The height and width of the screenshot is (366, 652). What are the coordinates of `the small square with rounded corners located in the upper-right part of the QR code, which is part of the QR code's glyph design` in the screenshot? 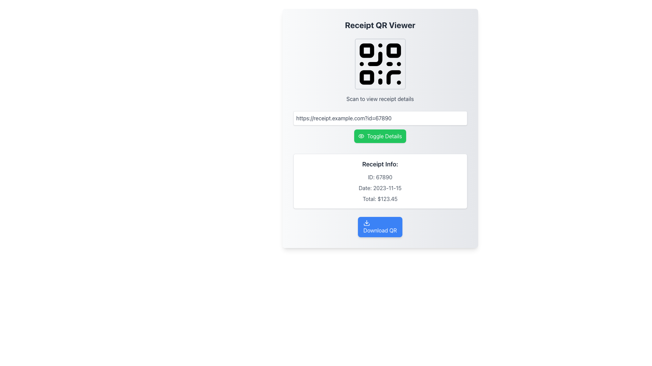 It's located at (394, 50).